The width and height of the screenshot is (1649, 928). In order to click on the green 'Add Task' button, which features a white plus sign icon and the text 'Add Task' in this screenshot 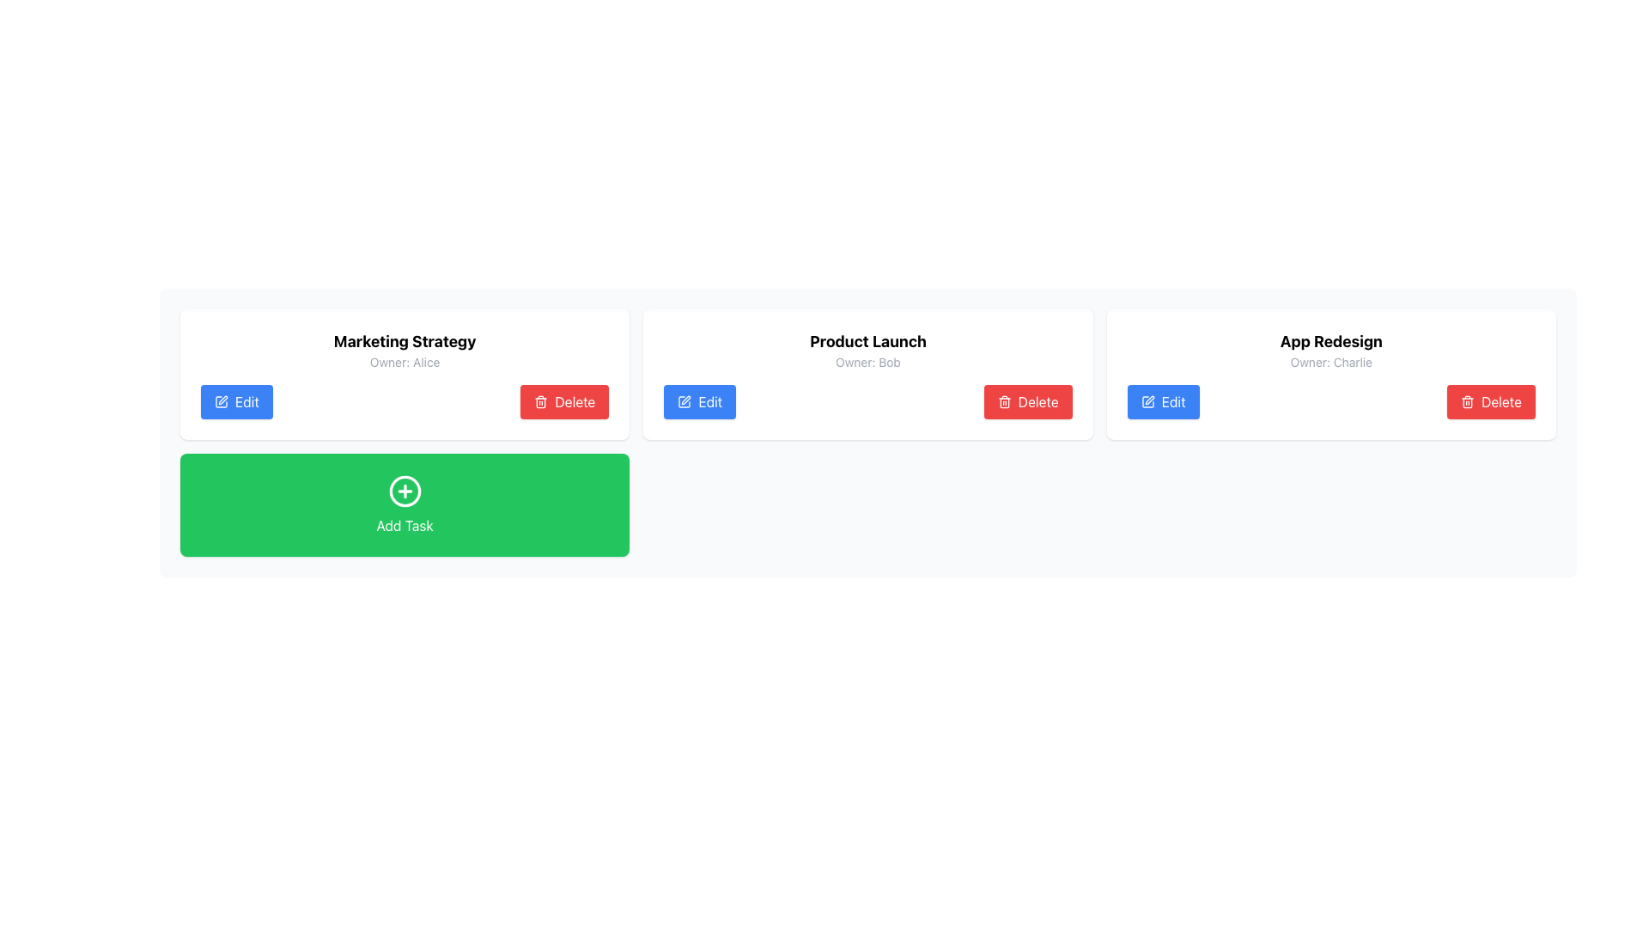, I will do `click(404, 504)`.